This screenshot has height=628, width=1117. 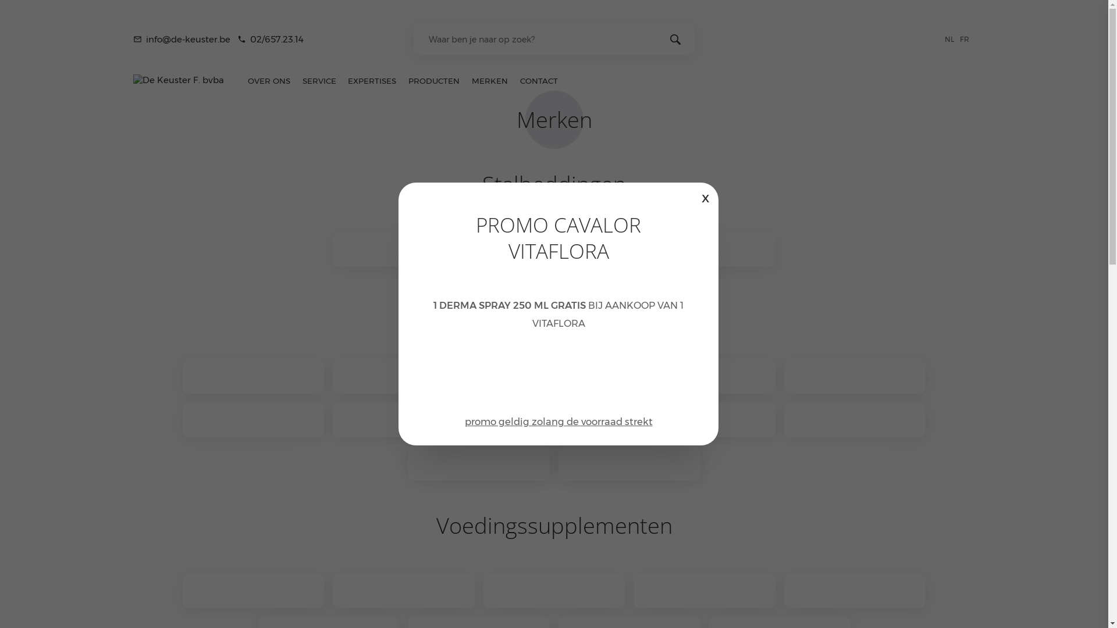 I want to click on 'MERKEN', so click(x=490, y=80).